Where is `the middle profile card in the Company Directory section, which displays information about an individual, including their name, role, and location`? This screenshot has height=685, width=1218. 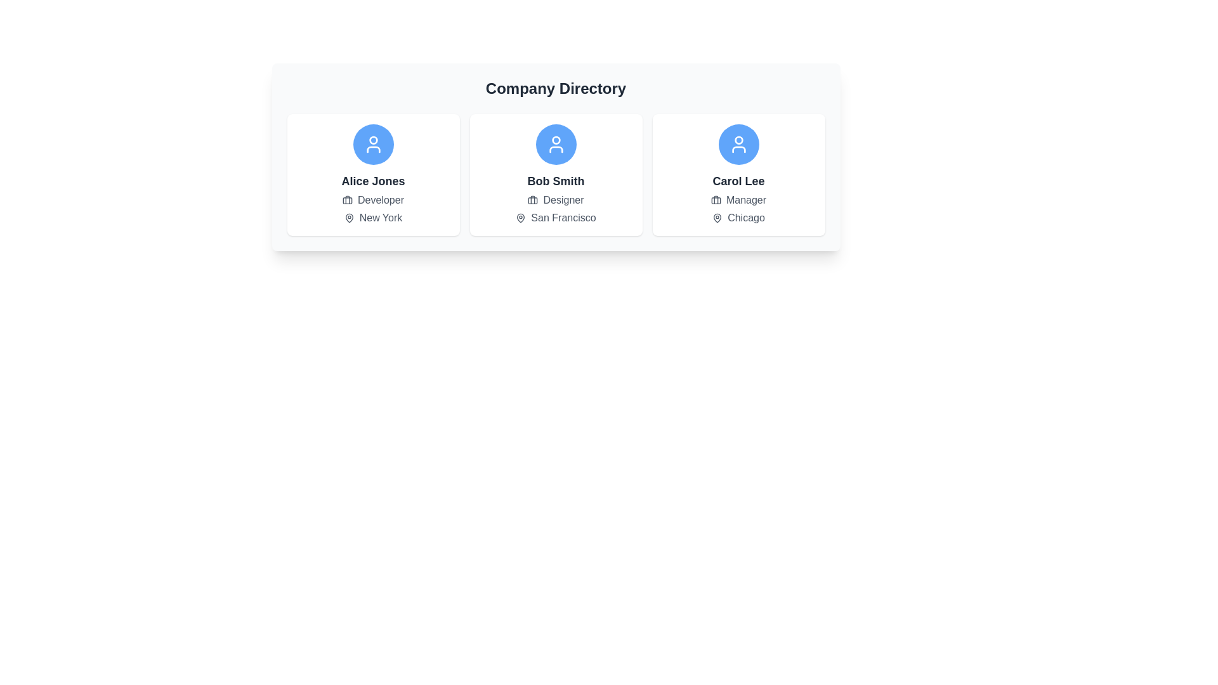 the middle profile card in the Company Directory section, which displays information about an individual, including their name, role, and location is located at coordinates (556, 175).